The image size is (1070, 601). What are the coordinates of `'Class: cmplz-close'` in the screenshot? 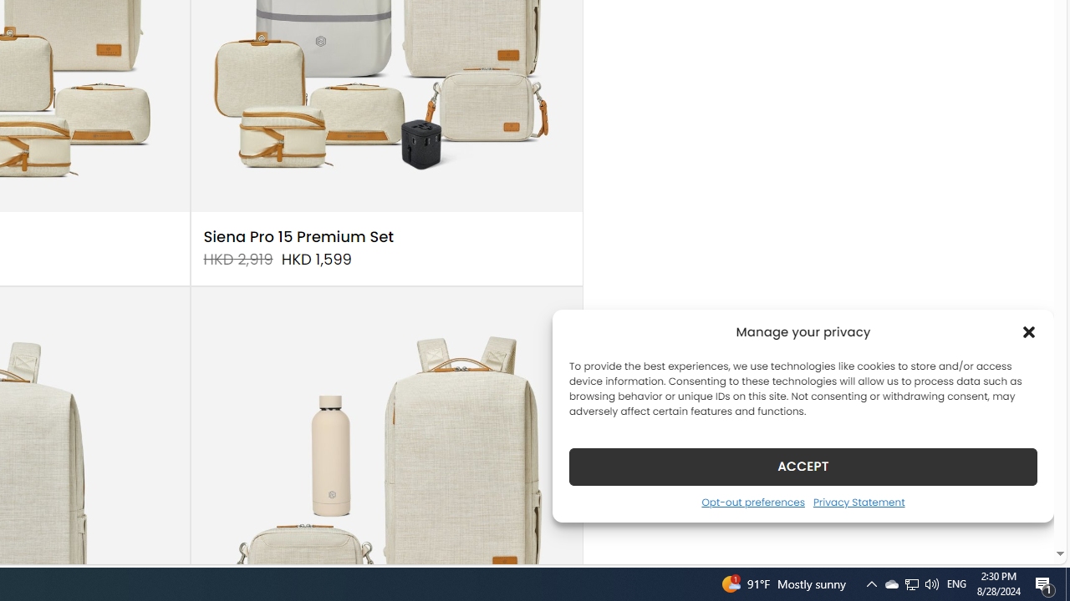 It's located at (1028, 331).